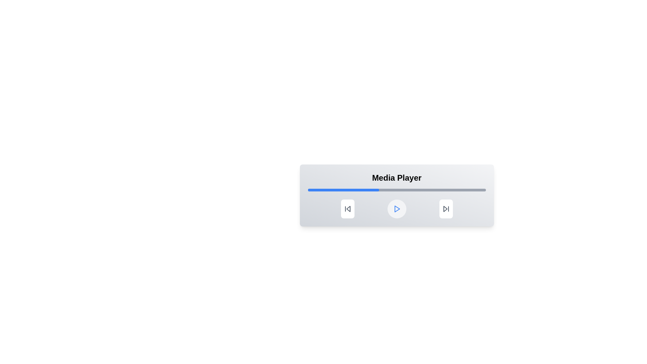 The width and height of the screenshot is (647, 364). Describe the element at coordinates (397, 203) in the screenshot. I see `the Play button located in the center of the media controls section` at that location.